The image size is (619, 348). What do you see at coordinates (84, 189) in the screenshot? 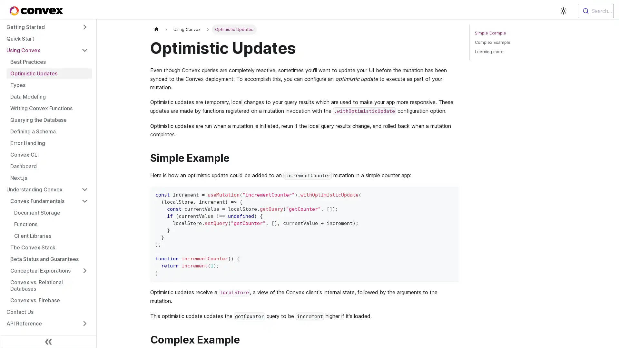
I see `Toggle the collapsible sidebar category 'Understanding Convex'` at bounding box center [84, 189].